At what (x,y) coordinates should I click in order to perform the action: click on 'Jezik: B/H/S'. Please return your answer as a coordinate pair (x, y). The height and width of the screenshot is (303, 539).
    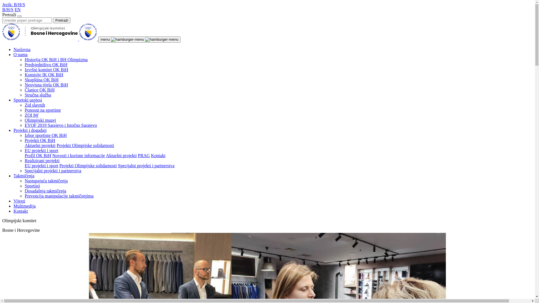
    Looking at the image, I should click on (13, 4).